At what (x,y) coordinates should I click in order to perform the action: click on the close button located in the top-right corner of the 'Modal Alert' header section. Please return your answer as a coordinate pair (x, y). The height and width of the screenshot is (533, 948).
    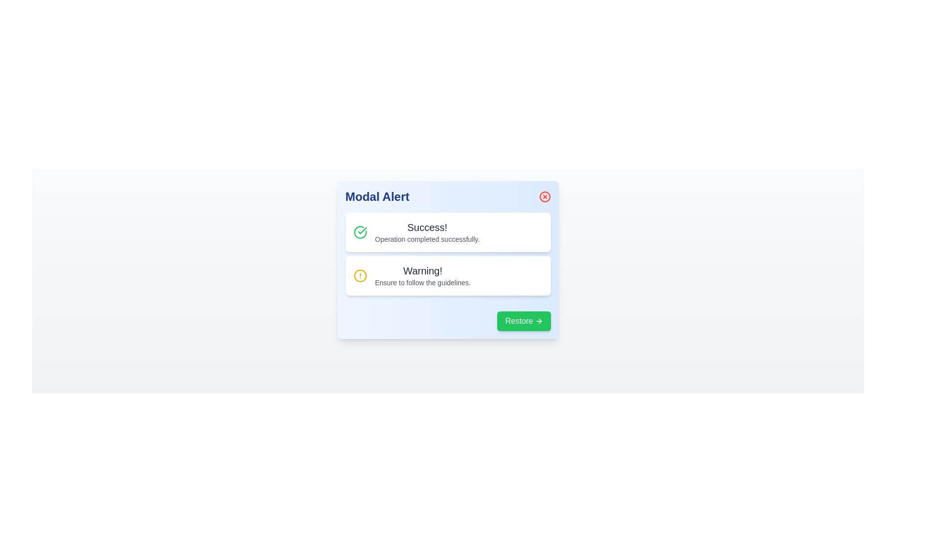
    Looking at the image, I should click on (544, 196).